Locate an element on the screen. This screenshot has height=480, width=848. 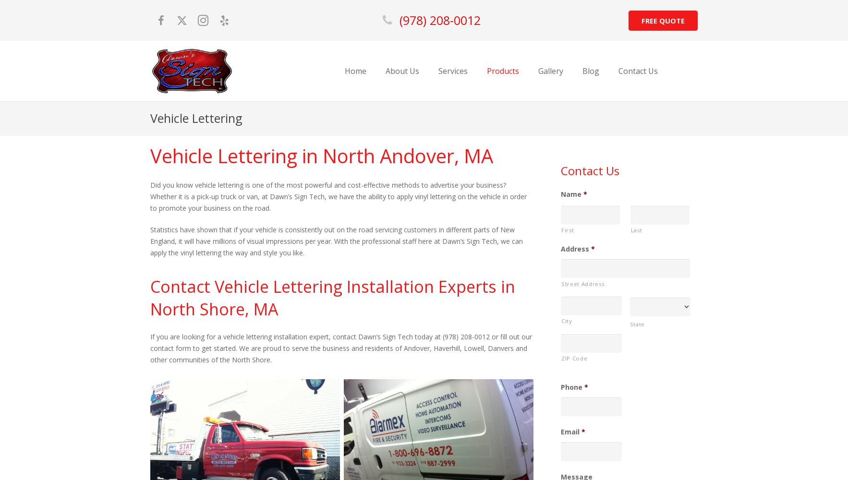
'ZIP Code' is located at coordinates (573, 358).